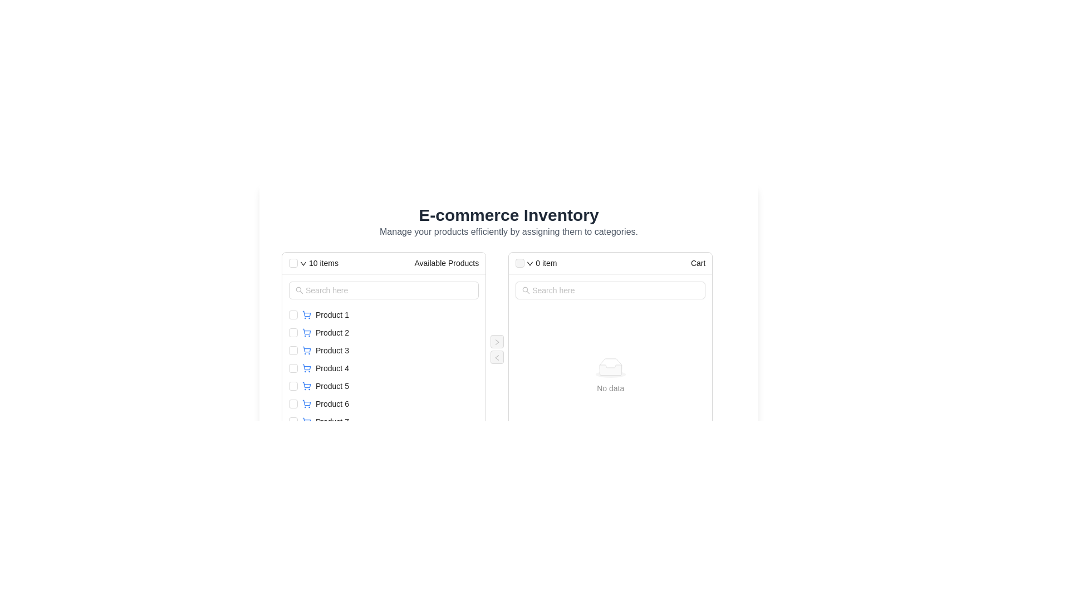  Describe the element at coordinates (526, 289) in the screenshot. I see `the search icon located within the search bar to the left of the 'Search here' input text box` at that location.